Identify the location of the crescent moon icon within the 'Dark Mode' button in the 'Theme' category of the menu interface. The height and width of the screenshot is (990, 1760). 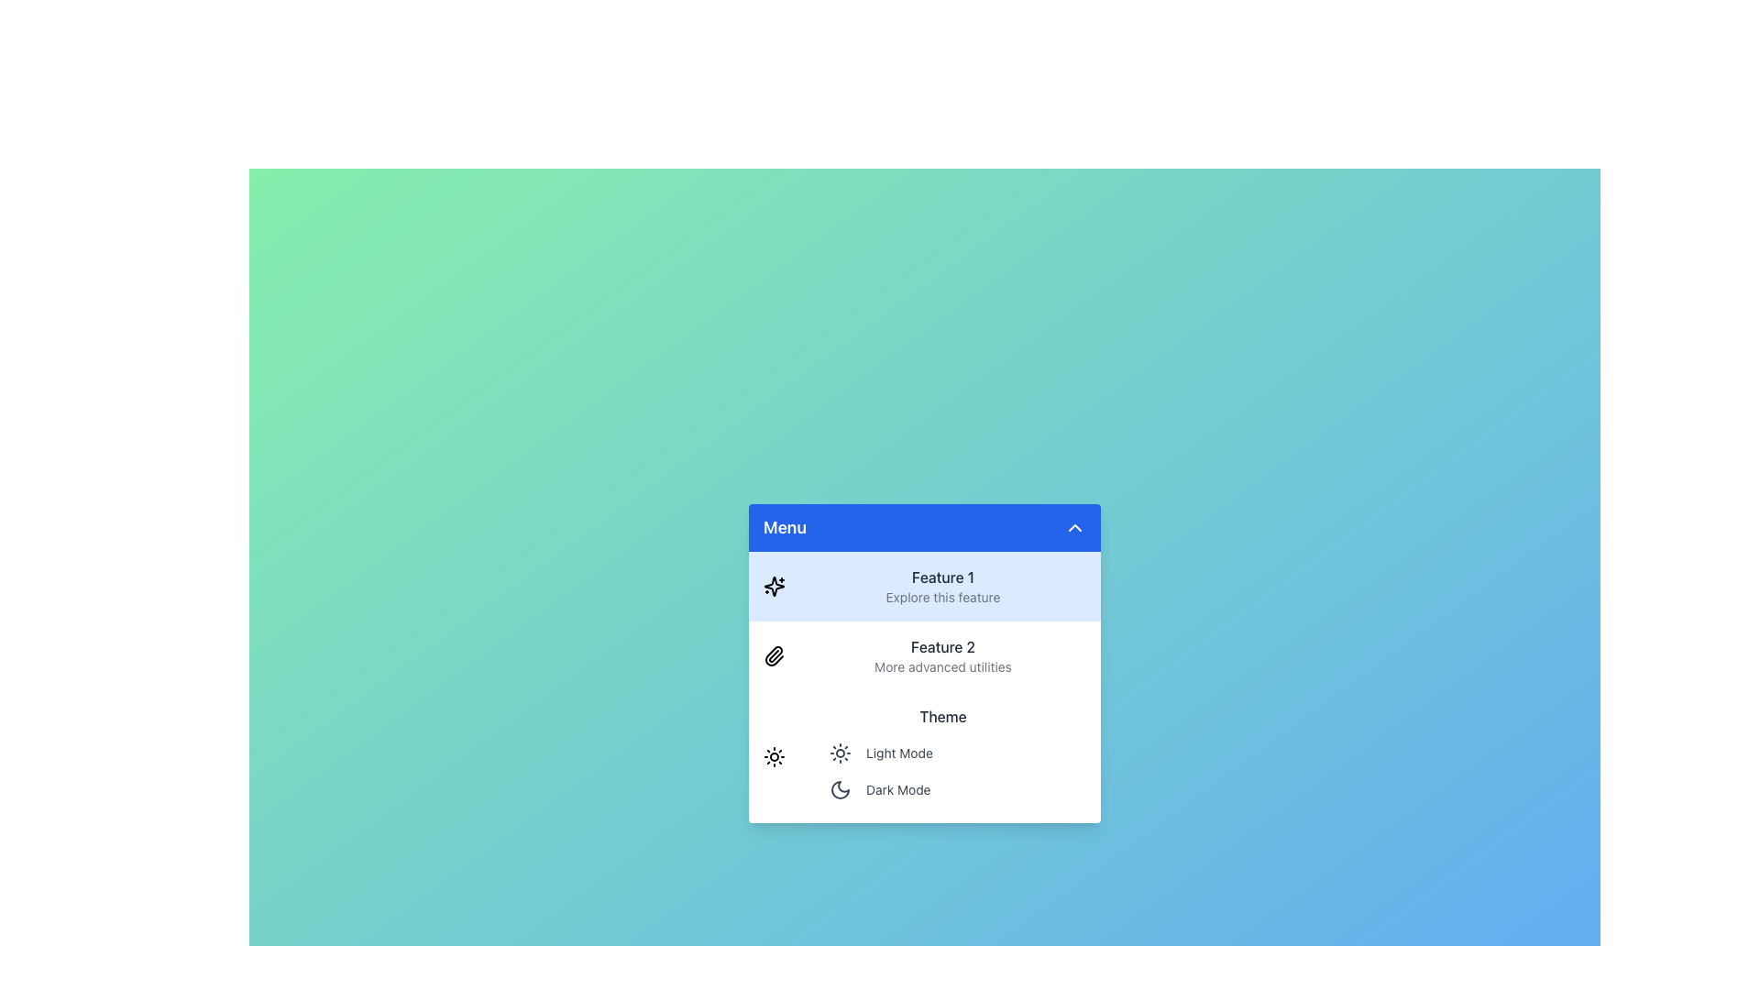
(839, 788).